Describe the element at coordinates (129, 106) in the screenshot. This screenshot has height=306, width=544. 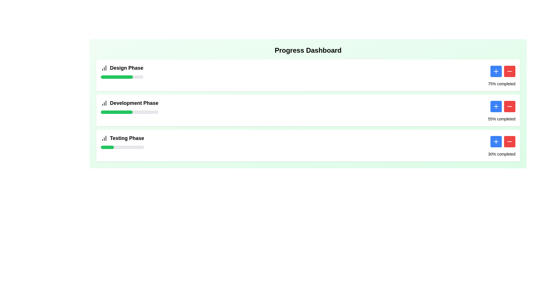
I see `the Labeled Progress Tracker displaying the label 'Development Phase' to interact with it` at that location.